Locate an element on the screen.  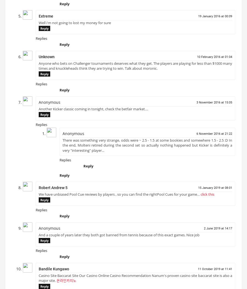
'6 November 2016 at 21:22' is located at coordinates (214, 136).